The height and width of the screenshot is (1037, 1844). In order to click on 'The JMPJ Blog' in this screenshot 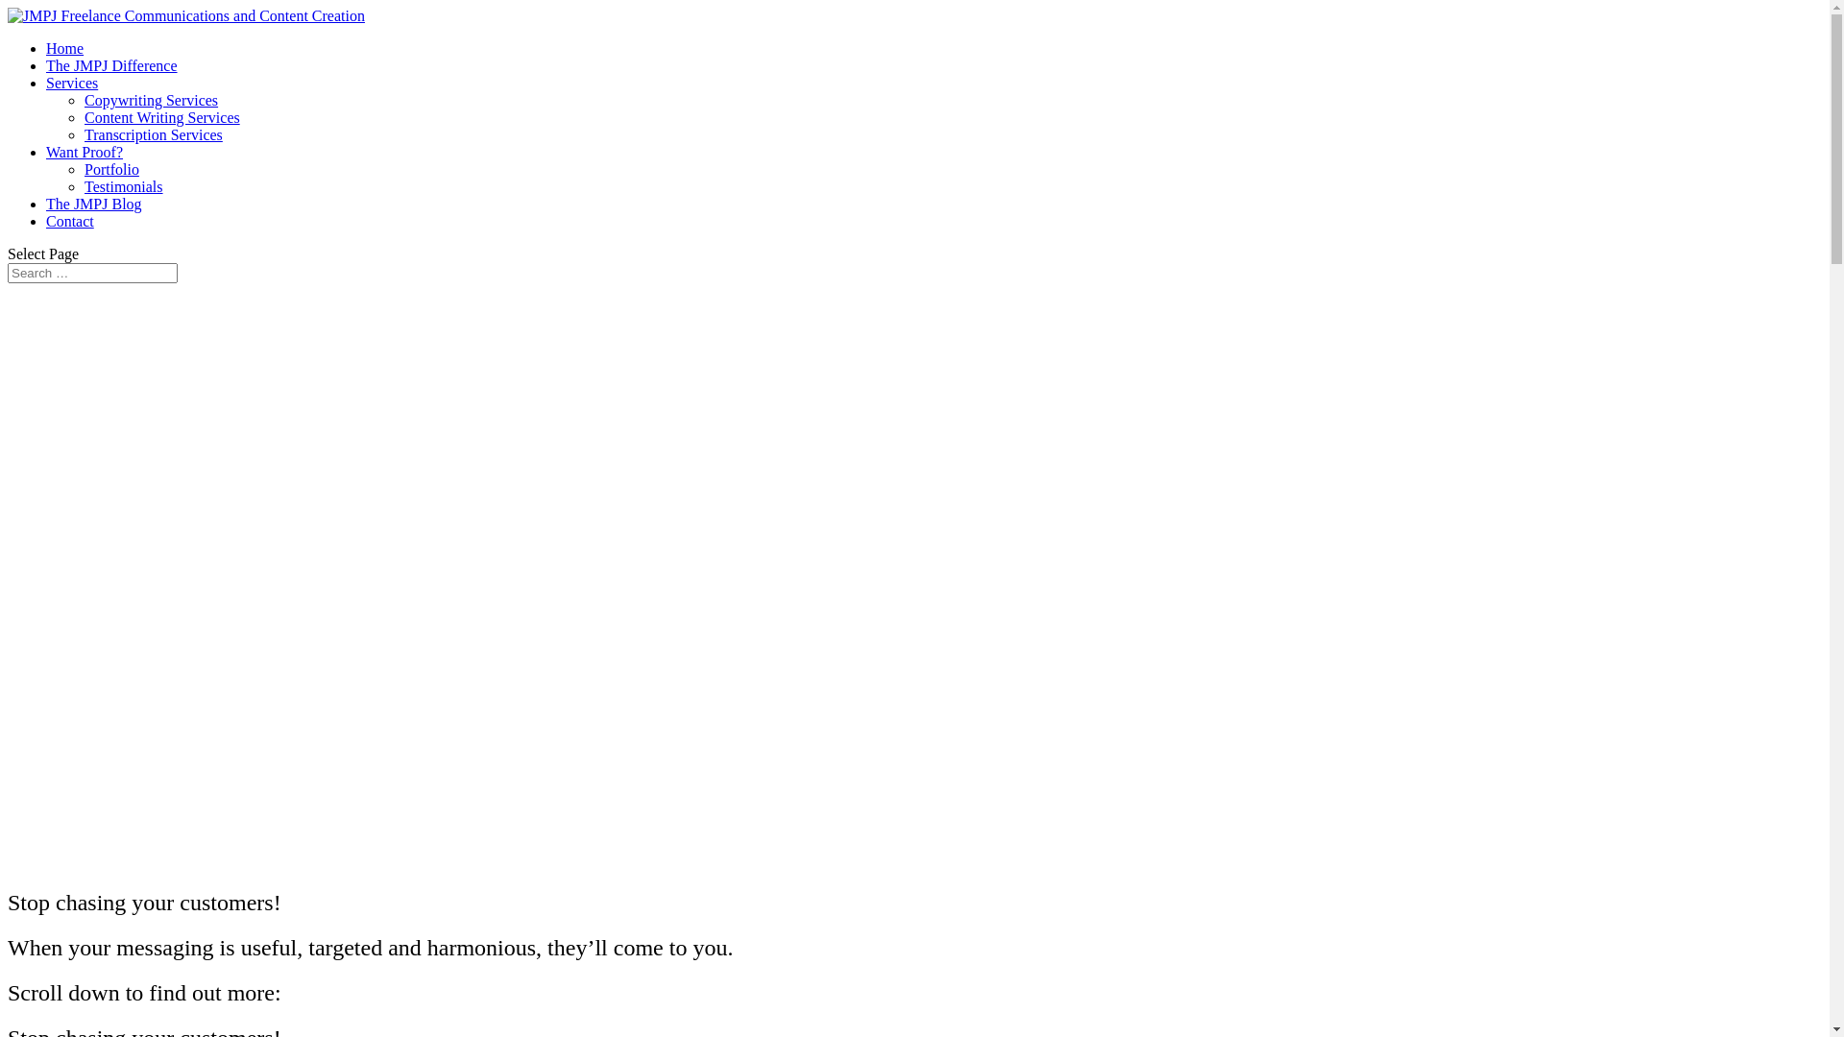, I will do `click(92, 204)`.